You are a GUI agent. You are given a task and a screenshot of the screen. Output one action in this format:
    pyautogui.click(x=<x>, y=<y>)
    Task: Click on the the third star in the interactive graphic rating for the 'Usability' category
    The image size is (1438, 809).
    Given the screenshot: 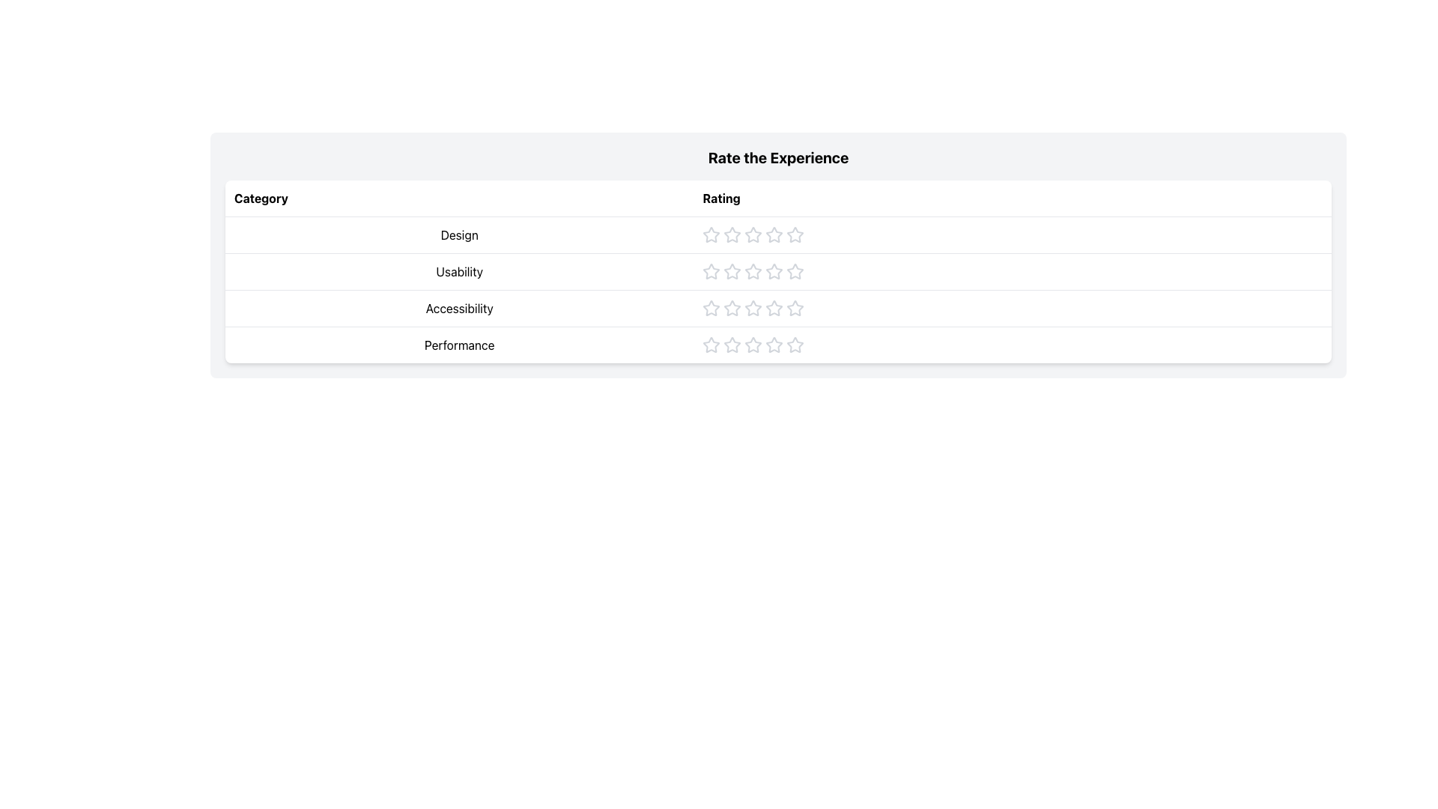 What is the action you would take?
    pyautogui.click(x=753, y=271)
    